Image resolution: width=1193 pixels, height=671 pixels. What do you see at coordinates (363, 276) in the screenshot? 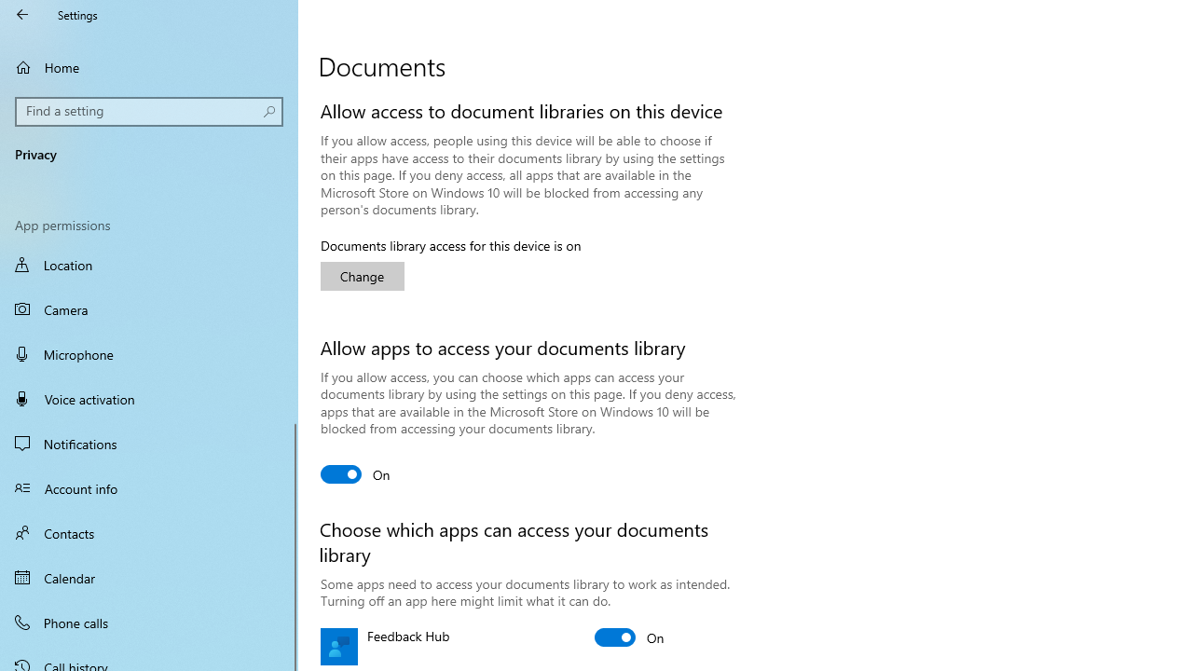
I see `'Change'` at bounding box center [363, 276].